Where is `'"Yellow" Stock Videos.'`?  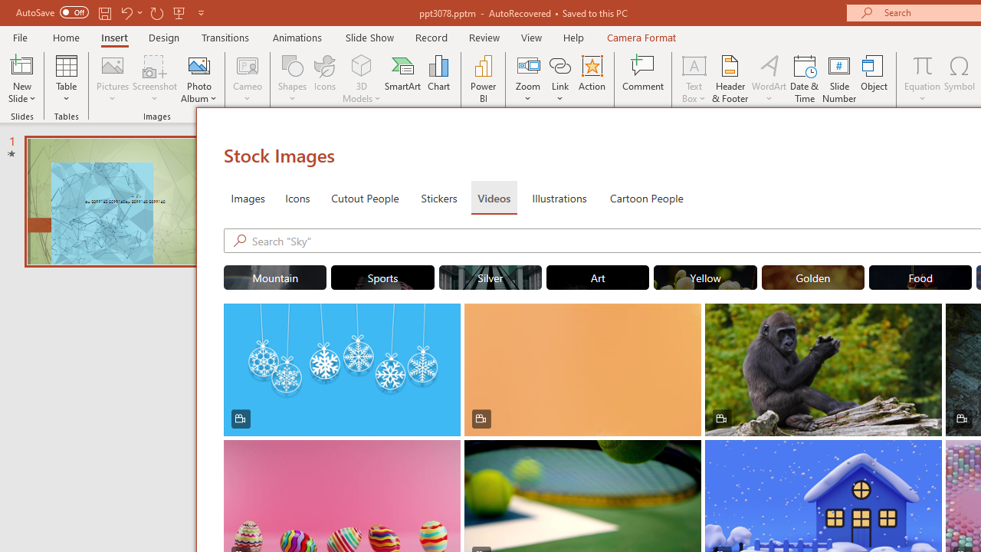
'"Yellow" Stock Videos.' is located at coordinates (704, 278).